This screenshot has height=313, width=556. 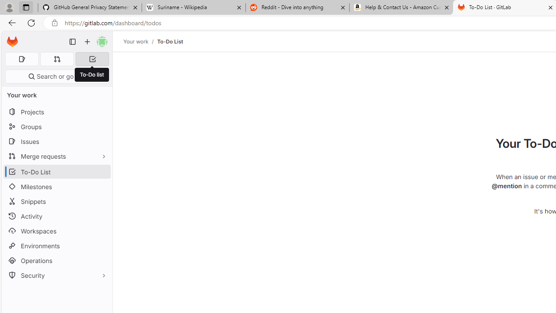 I want to click on 'Groups', so click(x=56, y=127).